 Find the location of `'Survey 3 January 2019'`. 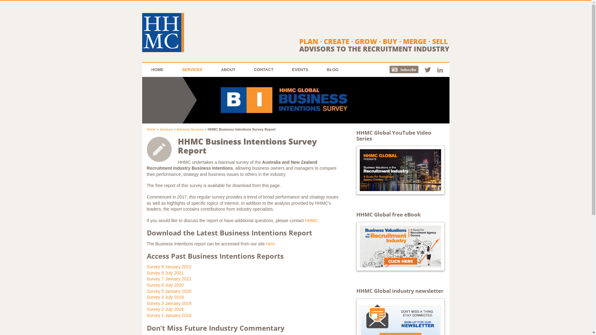

'Survey 3 January 2019' is located at coordinates (169, 303).